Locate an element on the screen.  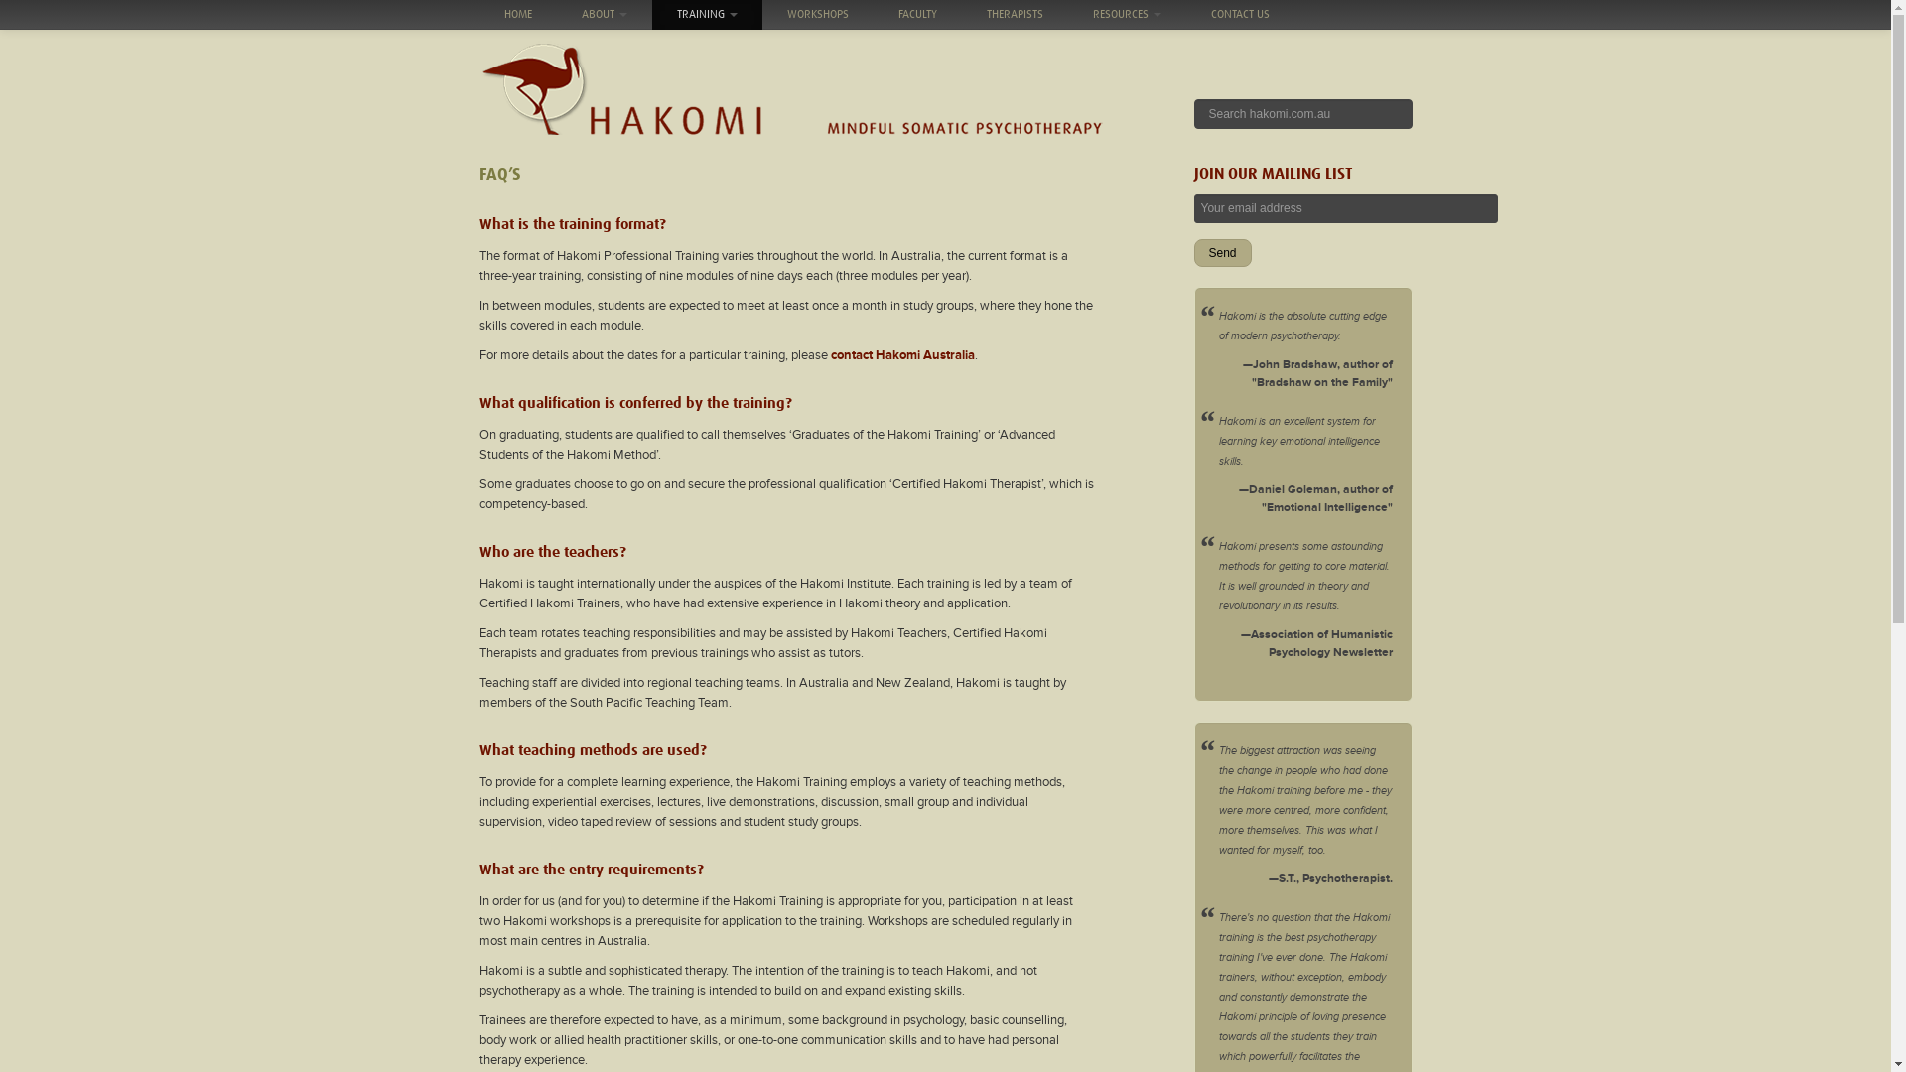
'HOME' is located at coordinates (517, 15).